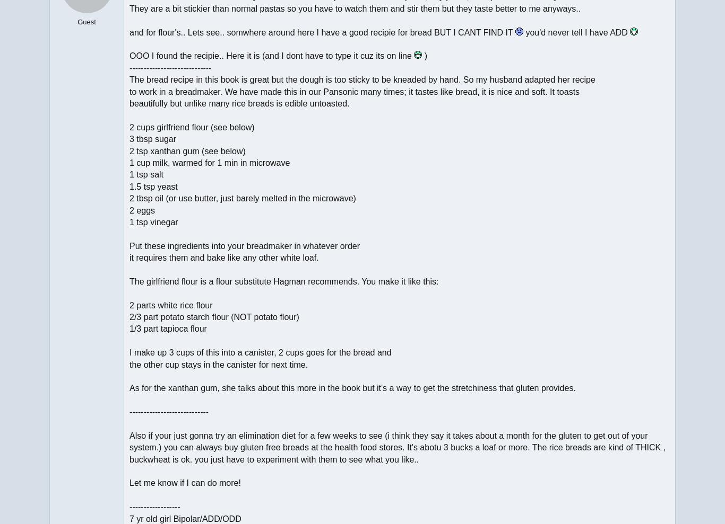 The image size is (725, 524). Describe the element at coordinates (260, 352) in the screenshot. I see `'I make up 3 cups of this into a canister, 2 cups goes for the bread and'` at that location.